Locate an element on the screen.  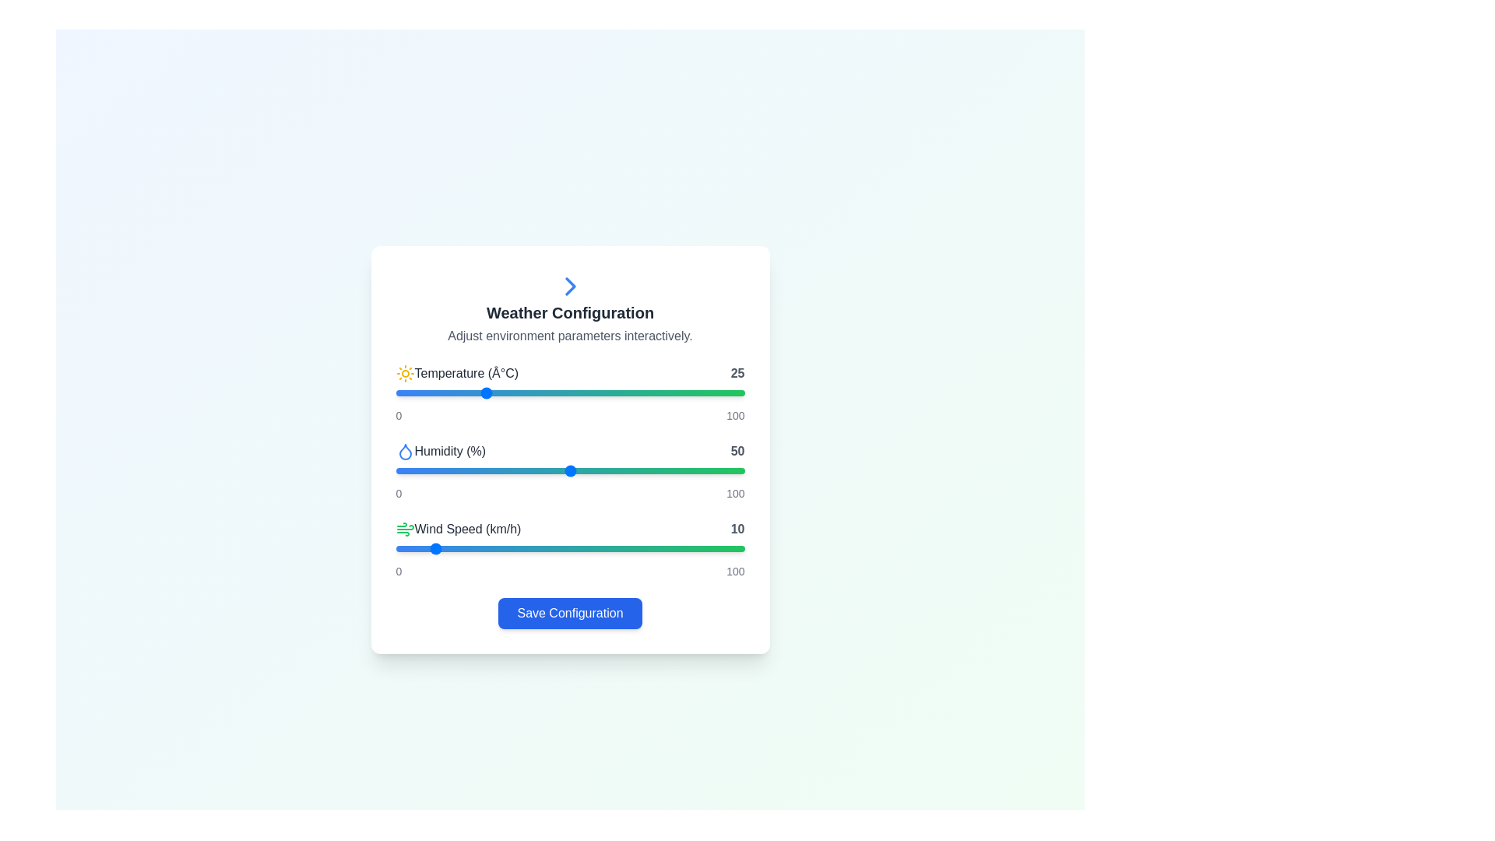
slider value is located at coordinates (705, 392).